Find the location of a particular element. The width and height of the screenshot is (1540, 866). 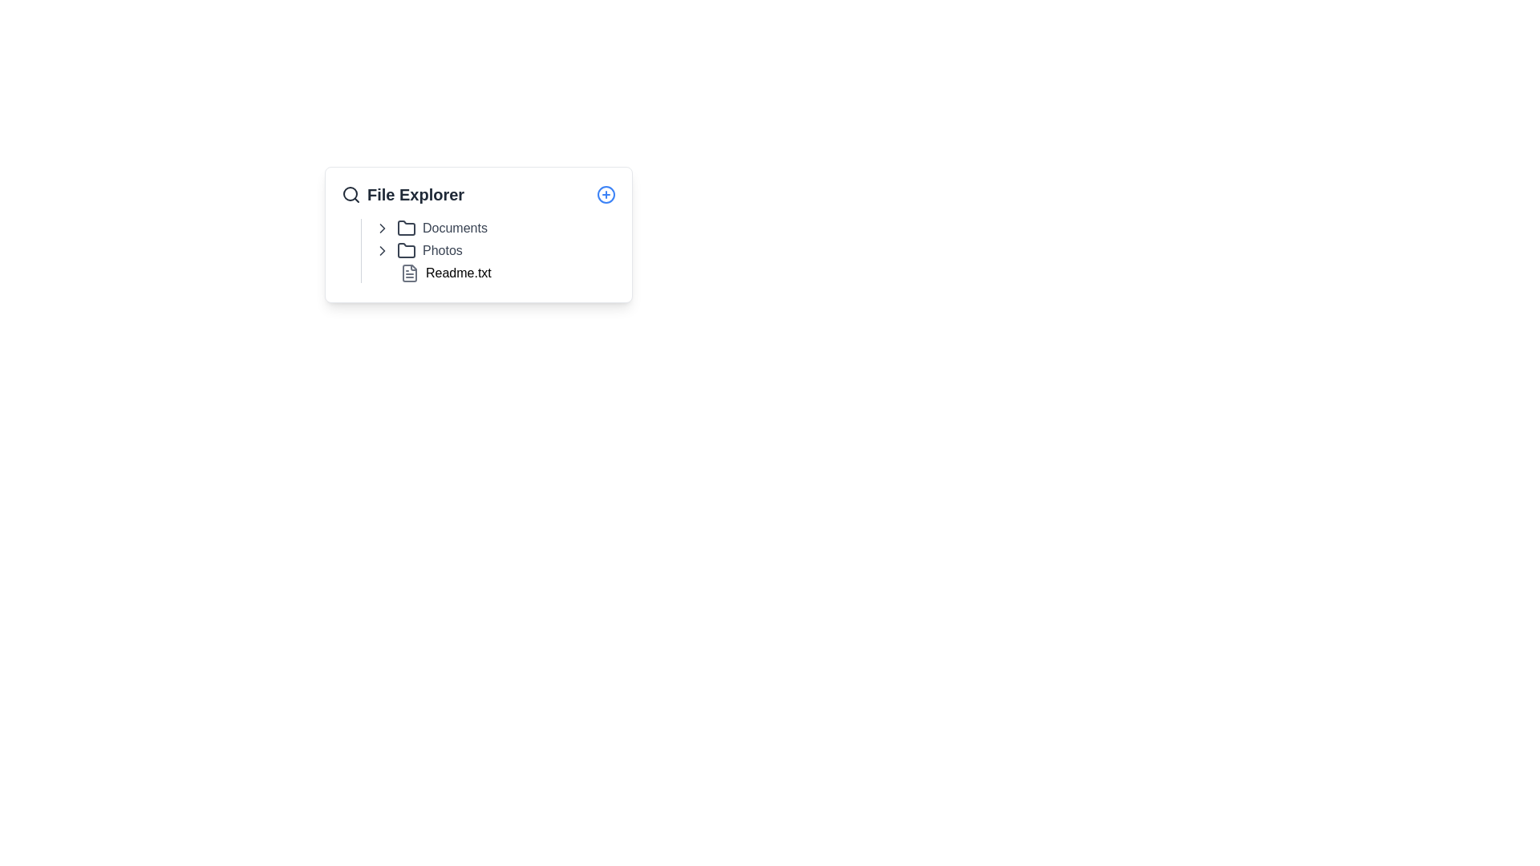

the Folder icon, which is represented by an outlined medium-sized folder icon located between an arrow icon and the text label 'Photos' is located at coordinates (407, 250).